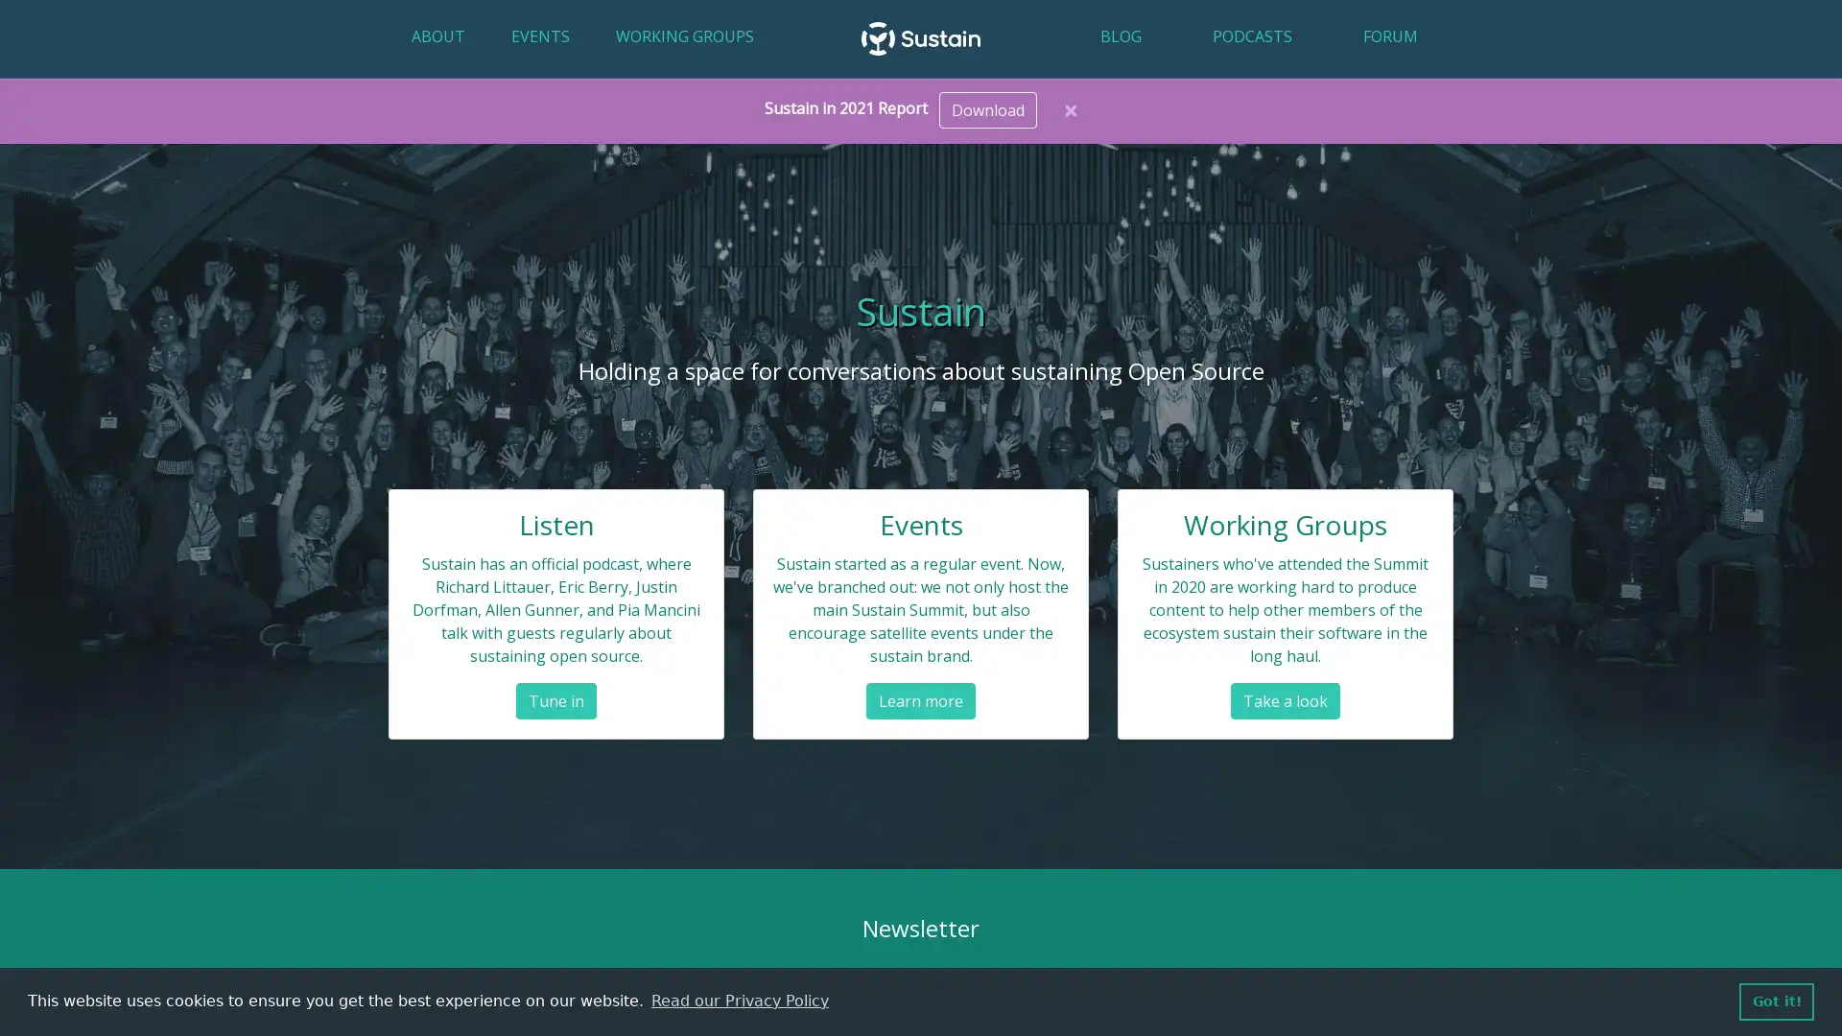  I want to click on learn more about cookies, so click(739, 1001).